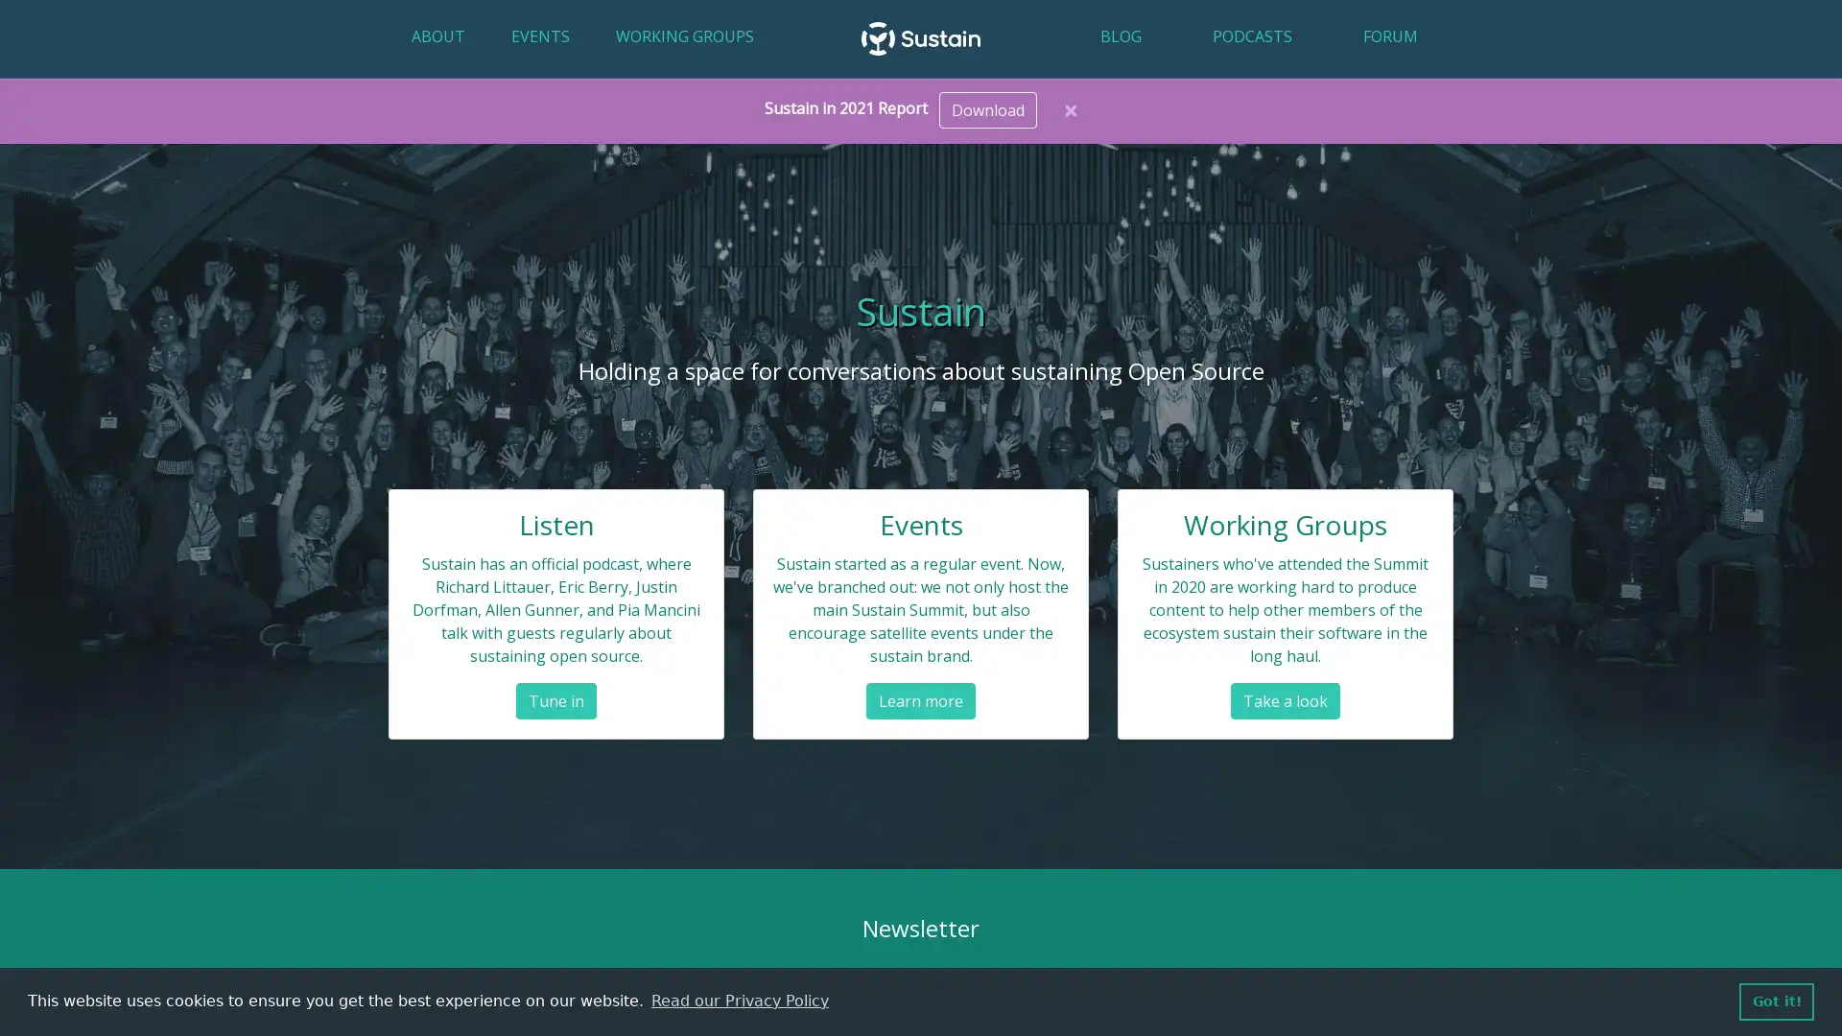  I want to click on learn more about cookies, so click(739, 1001).